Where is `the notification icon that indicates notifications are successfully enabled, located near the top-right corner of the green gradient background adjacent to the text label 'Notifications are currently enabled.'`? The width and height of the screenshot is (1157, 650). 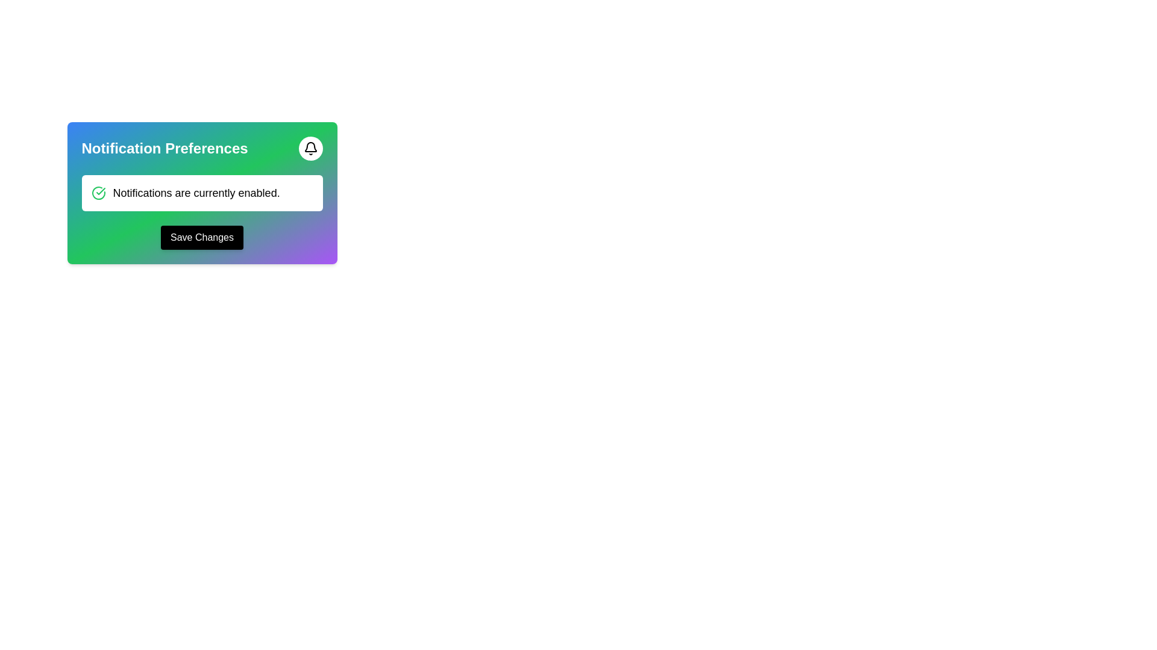 the notification icon that indicates notifications are successfully enabled, located near the top-right corner of the green gradient background adjacent to the text label 'Notifications are currently enabled.' is located at coordinates (101, 190).